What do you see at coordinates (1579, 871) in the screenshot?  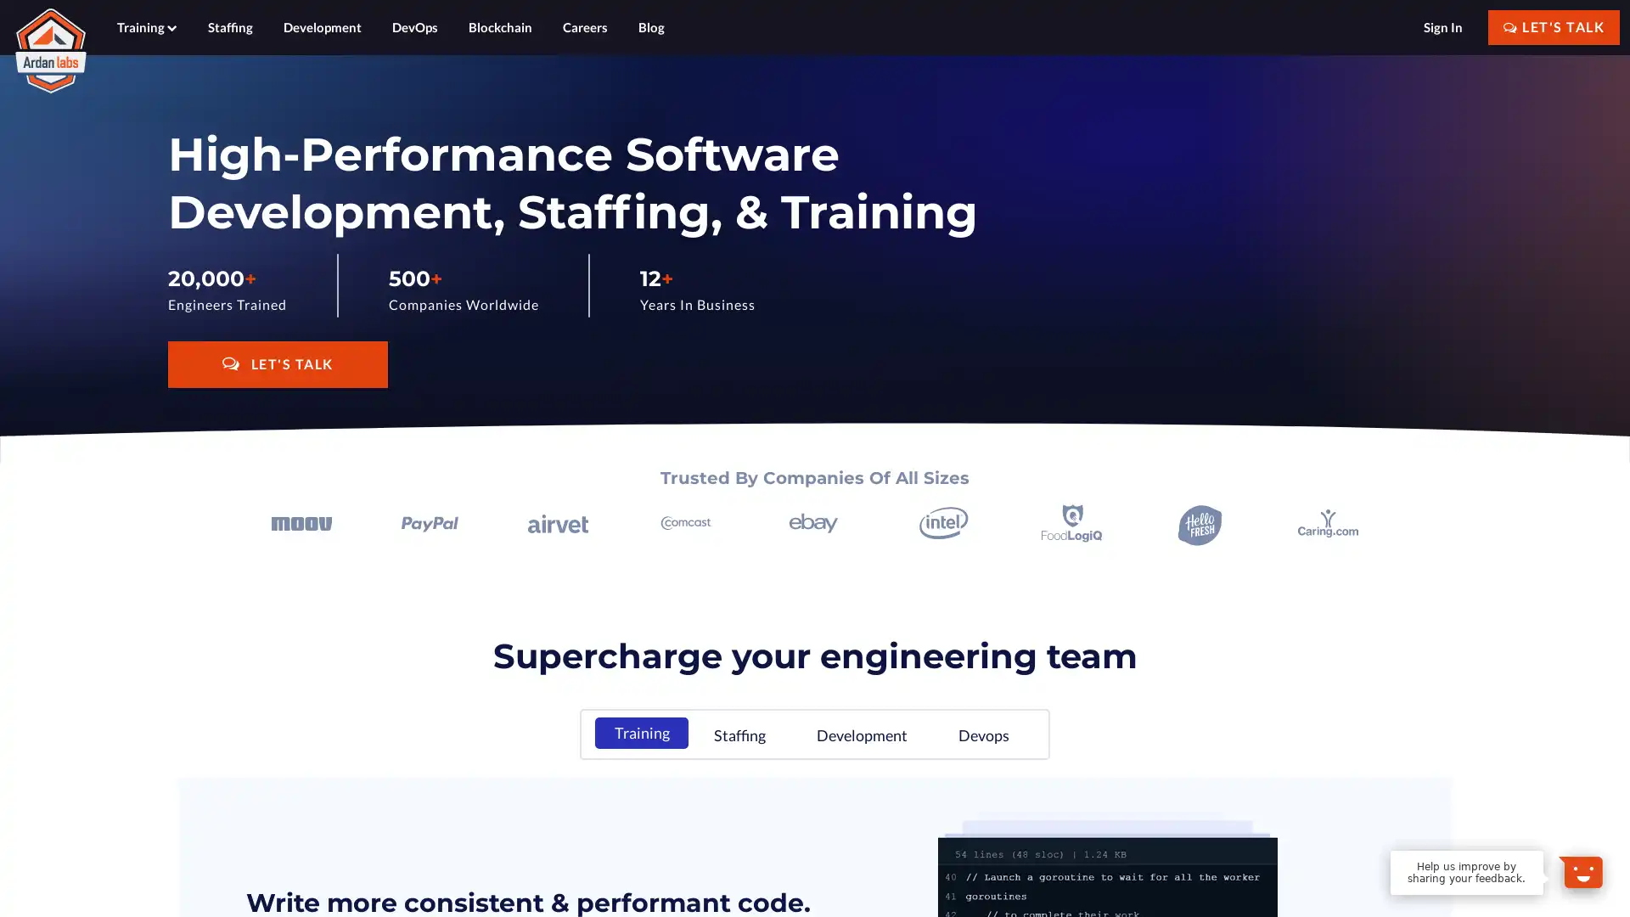 I see `Open` at bounding box center [1579, 871].